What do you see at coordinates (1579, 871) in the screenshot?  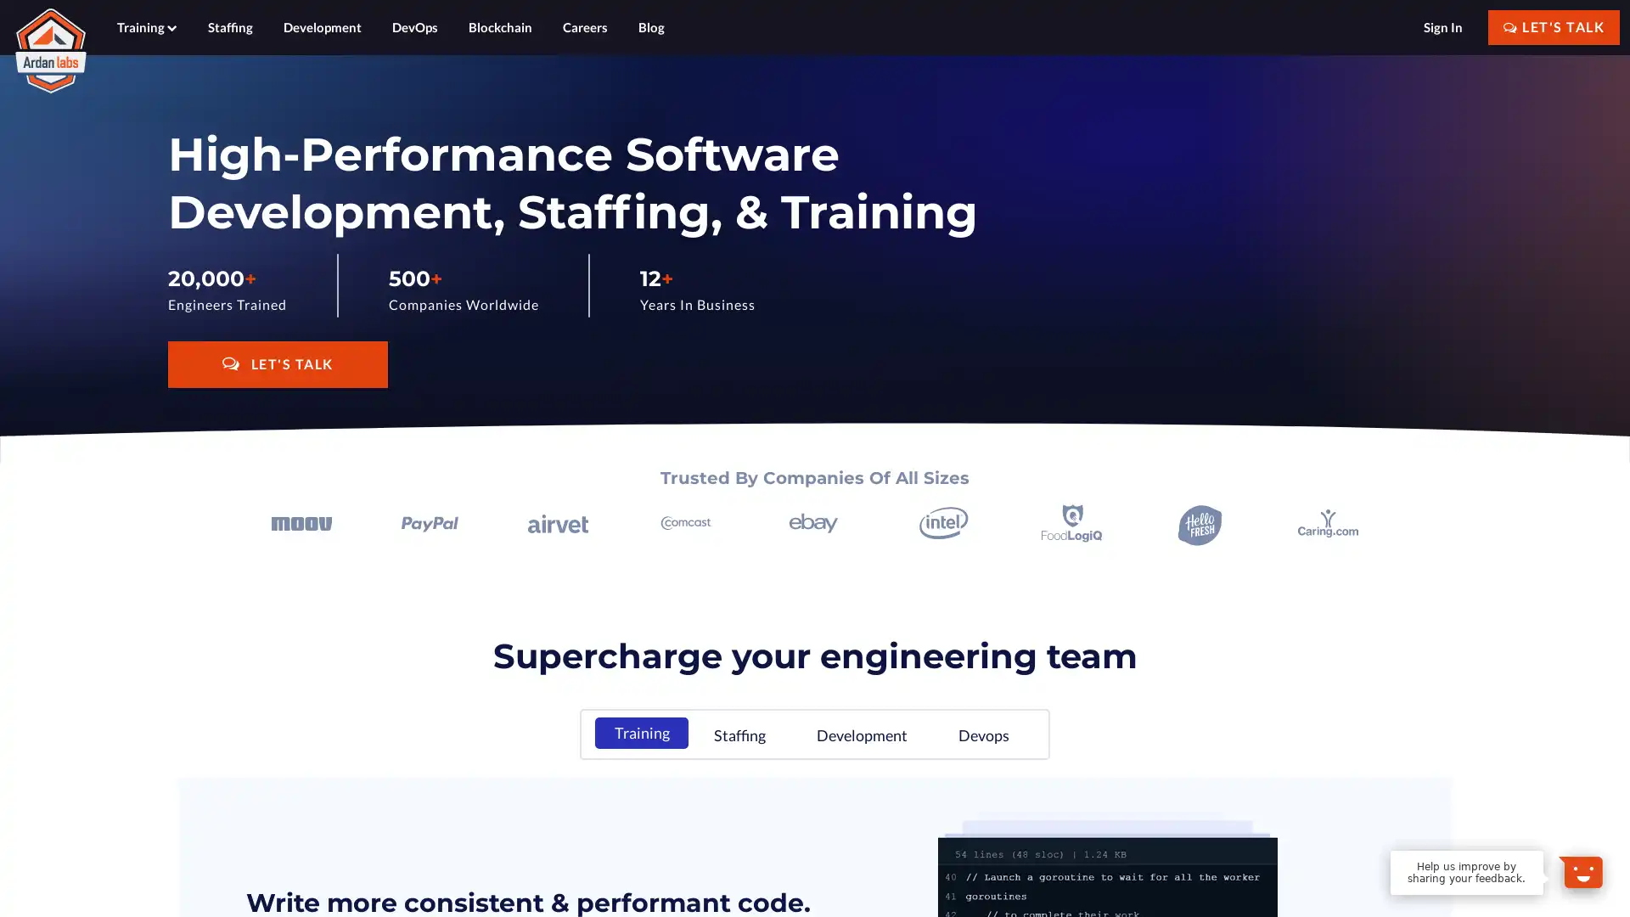 I see `Open` at bounding box center [1579, 871].